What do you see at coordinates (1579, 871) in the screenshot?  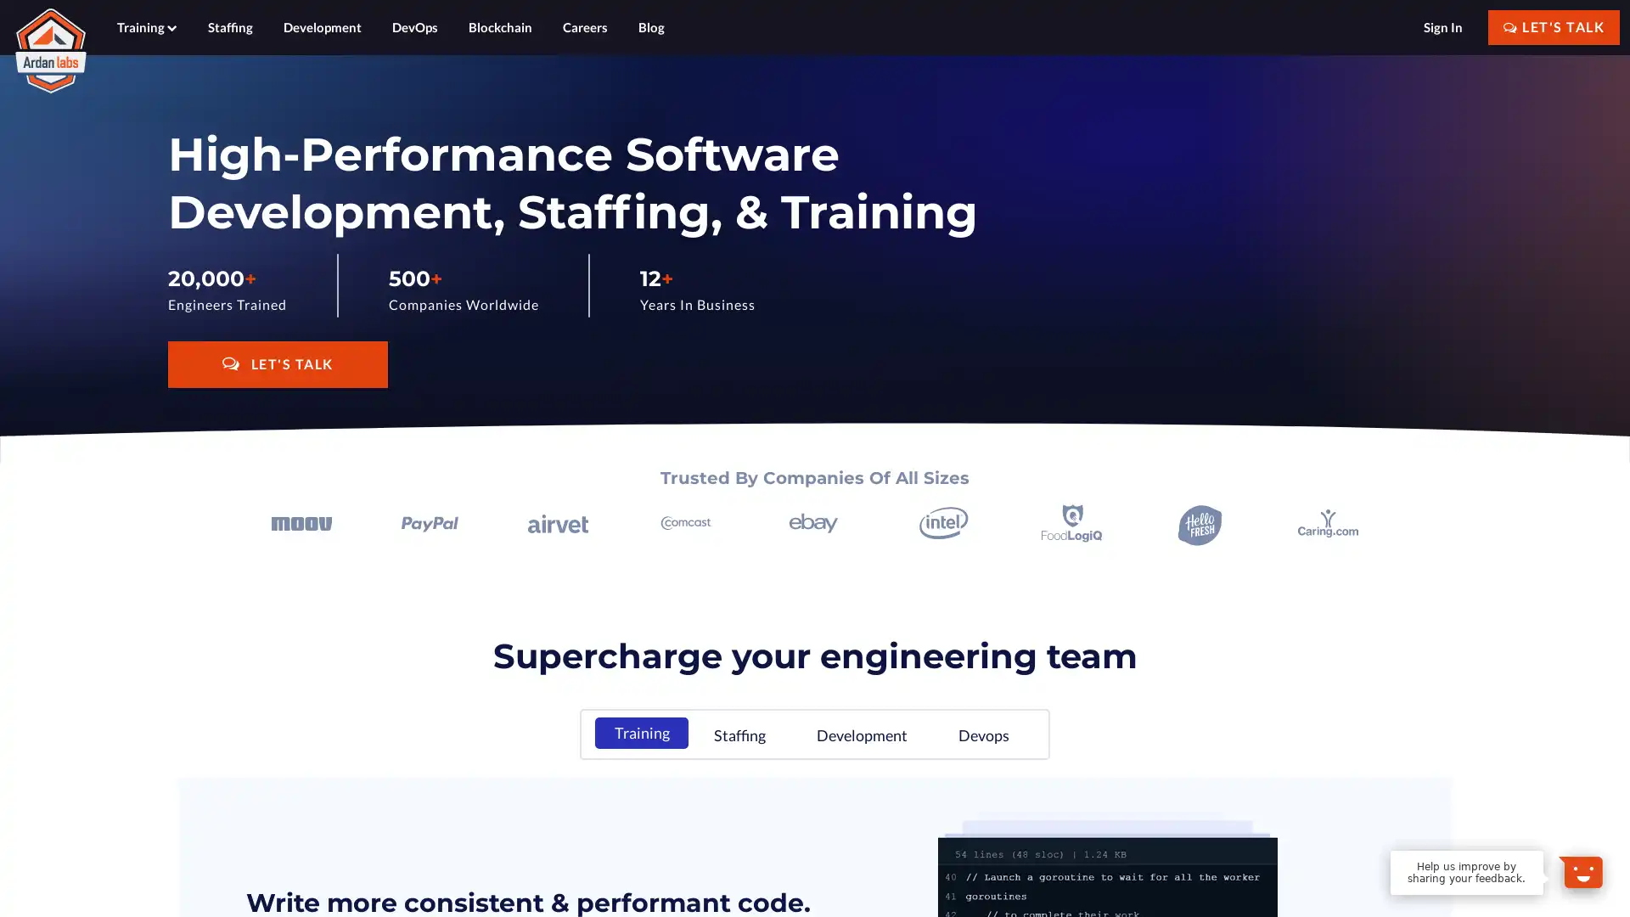 I see `Open` at bounding box center [1579, 871].